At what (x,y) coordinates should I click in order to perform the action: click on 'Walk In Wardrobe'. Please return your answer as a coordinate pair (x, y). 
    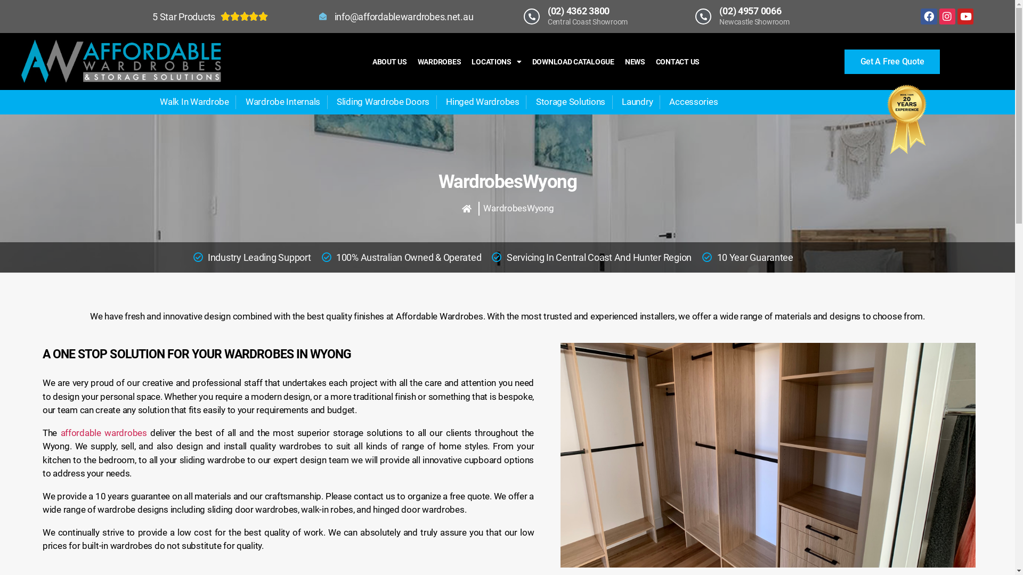
    Looking at the image, I should click on (193, 102).